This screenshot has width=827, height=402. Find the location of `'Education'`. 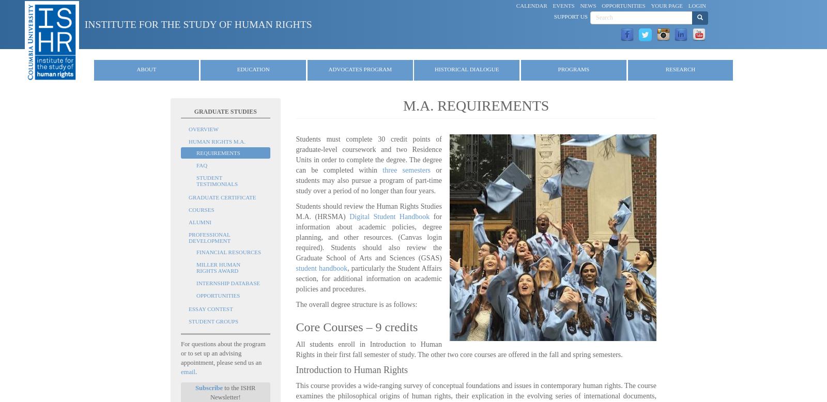

'Education' is located at coordinates (252, 69).